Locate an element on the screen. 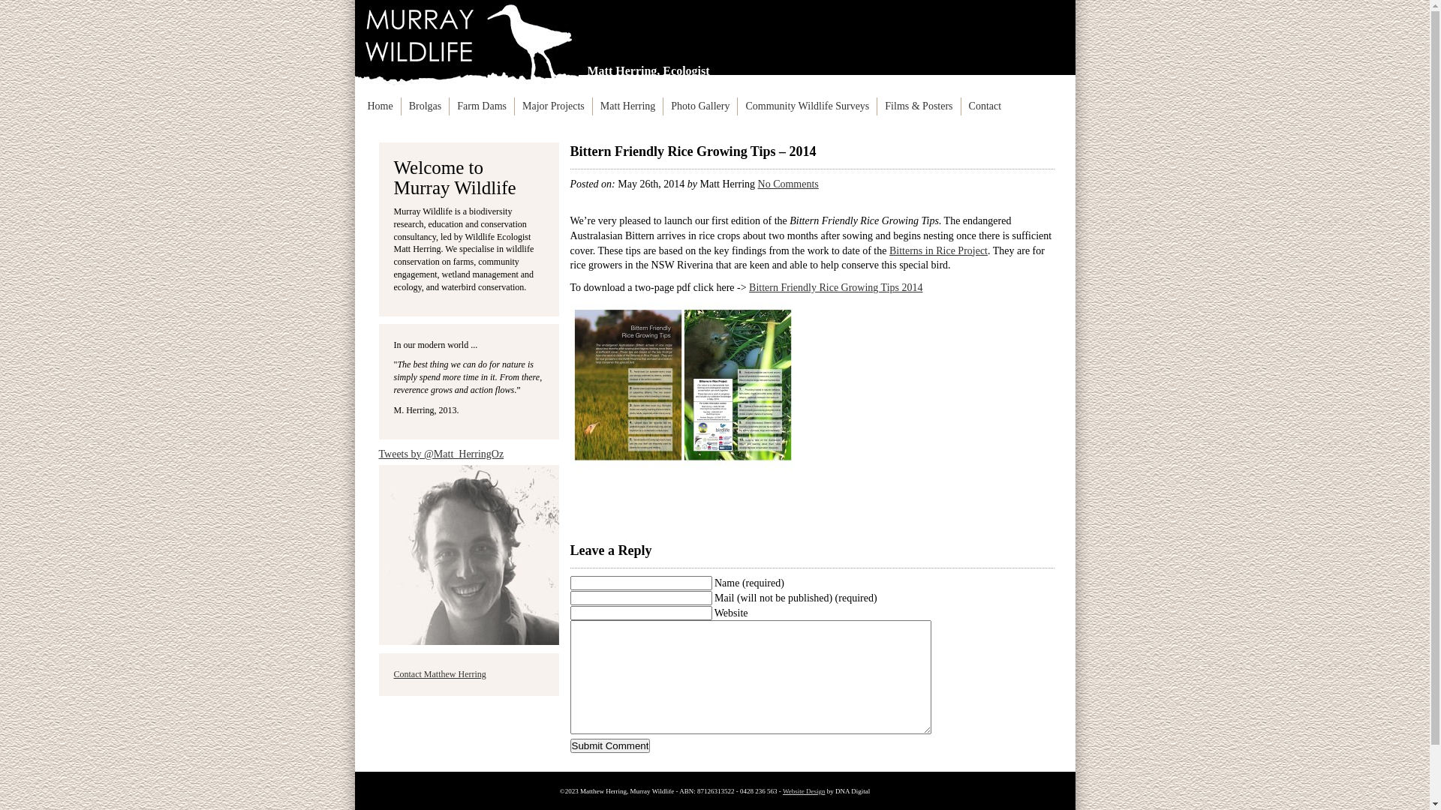  'Community Wildlife Surveys' is located at coordinates (806, 106).